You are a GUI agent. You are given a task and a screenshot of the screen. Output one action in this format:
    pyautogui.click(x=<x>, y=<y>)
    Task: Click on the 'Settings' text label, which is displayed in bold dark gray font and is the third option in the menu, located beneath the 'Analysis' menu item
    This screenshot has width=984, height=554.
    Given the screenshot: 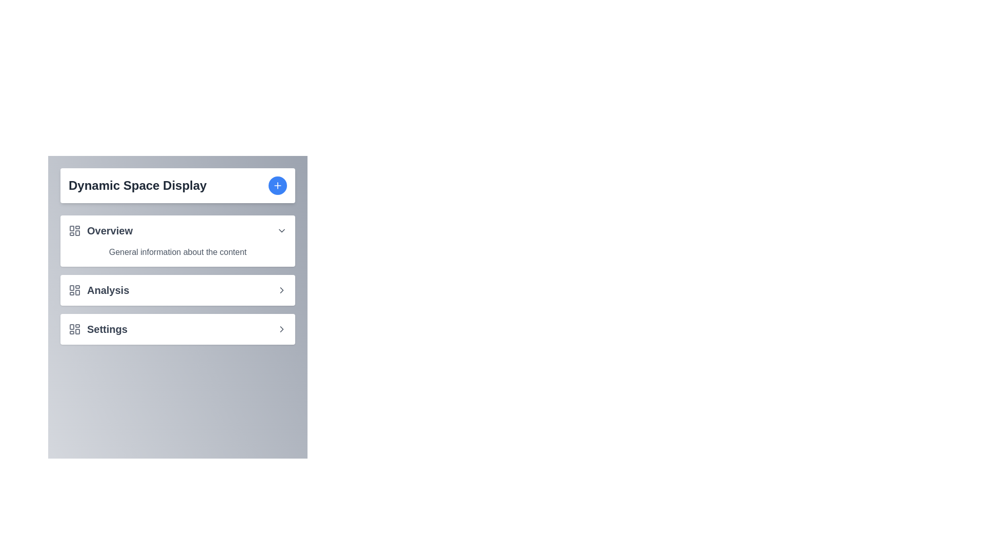 What is the action you would take?
    pyautogui.click(x=107, y=329)
    